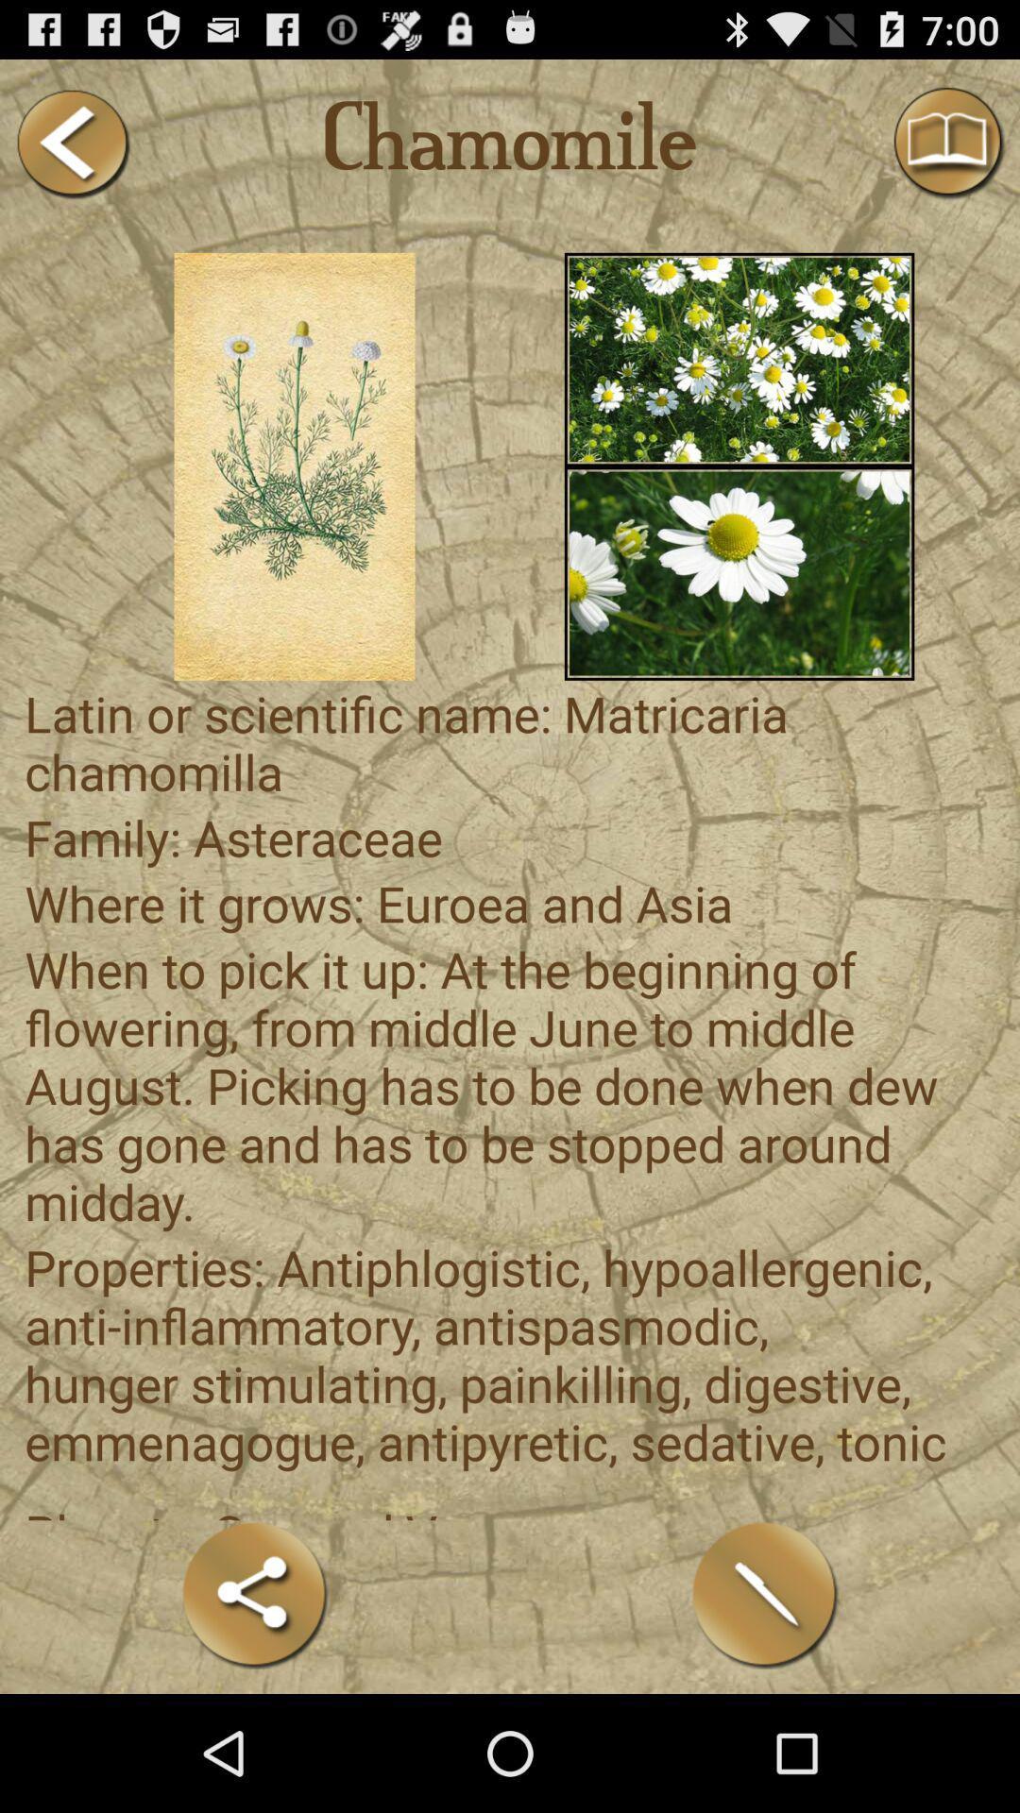 This screenshot has height=1813, width=1020. Describe the element at coordinates (255, 1594) in the screenshot. I see `the item at the bottom left corner` at that location.